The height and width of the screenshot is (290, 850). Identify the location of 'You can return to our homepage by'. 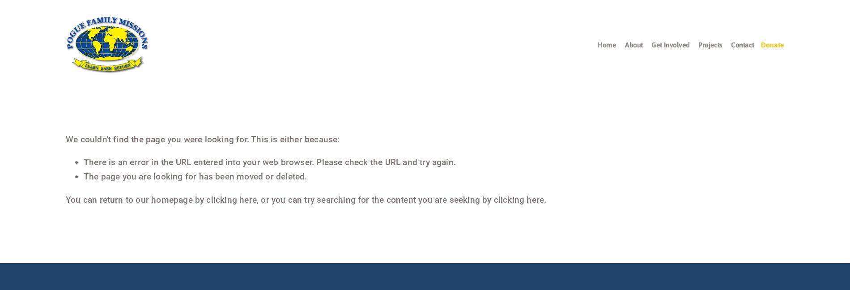
(136, 199).